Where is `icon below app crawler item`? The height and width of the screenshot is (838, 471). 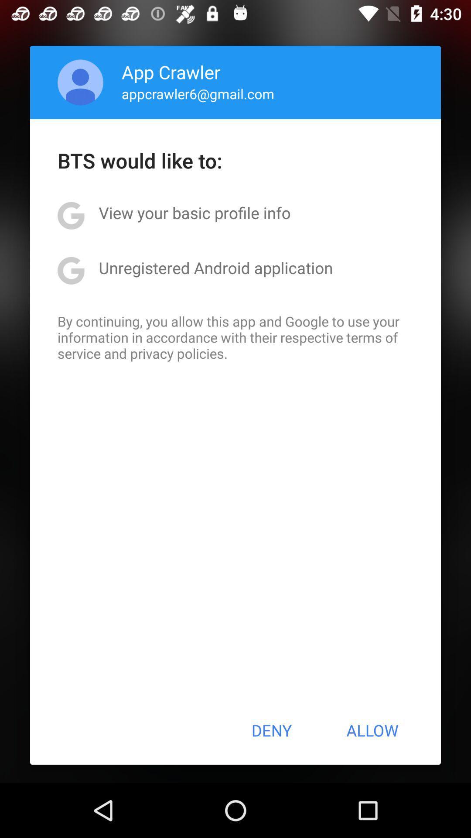
icon below app crawler item is located at coordinates (198, 93).